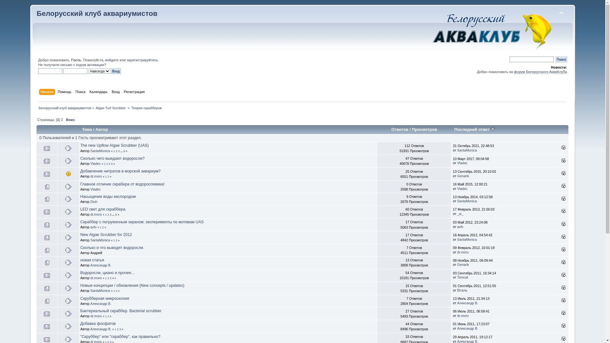  I want to click on '1', so click(115, 329).